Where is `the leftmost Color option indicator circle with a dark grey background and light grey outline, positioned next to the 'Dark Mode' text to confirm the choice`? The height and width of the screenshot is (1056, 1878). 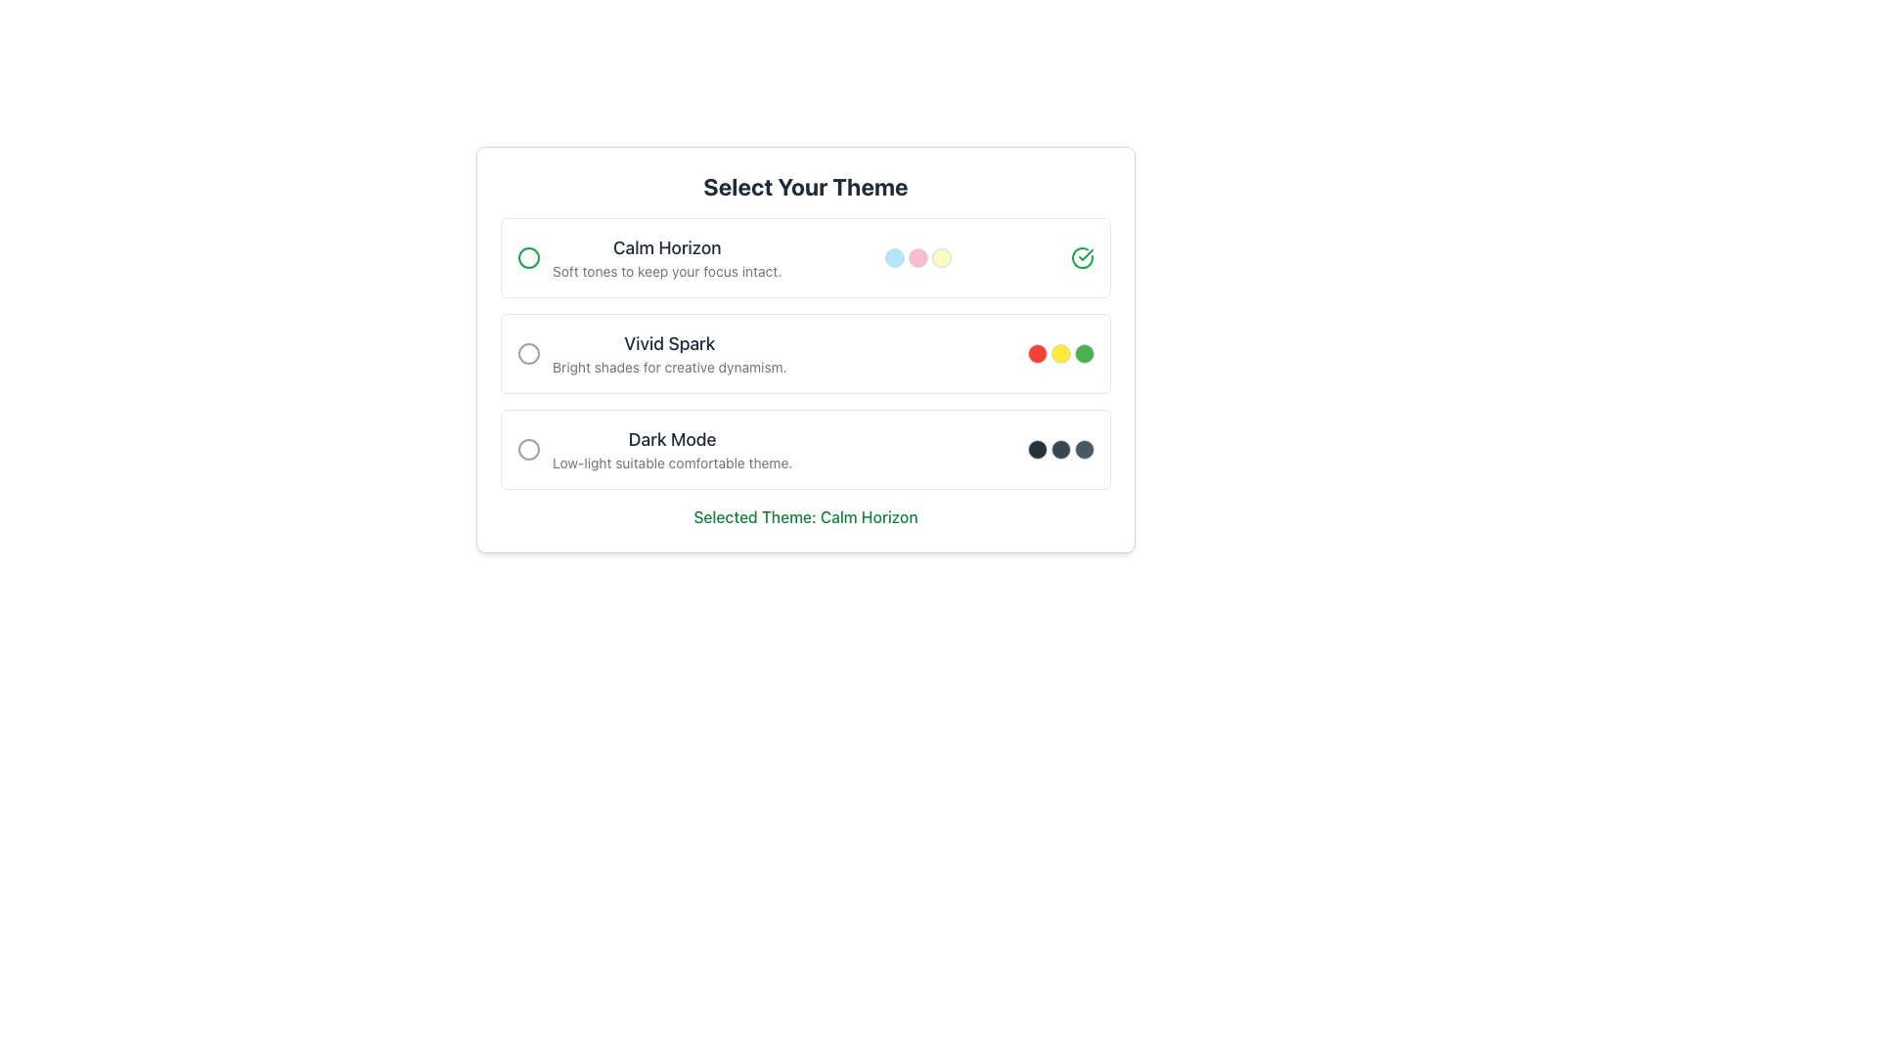 the leftmost Color option indicator circle with a dark grey background and light grey outline, positioned next to the 'Dark Mode' text to confirm the choice is located at coordinates (1036, 449).